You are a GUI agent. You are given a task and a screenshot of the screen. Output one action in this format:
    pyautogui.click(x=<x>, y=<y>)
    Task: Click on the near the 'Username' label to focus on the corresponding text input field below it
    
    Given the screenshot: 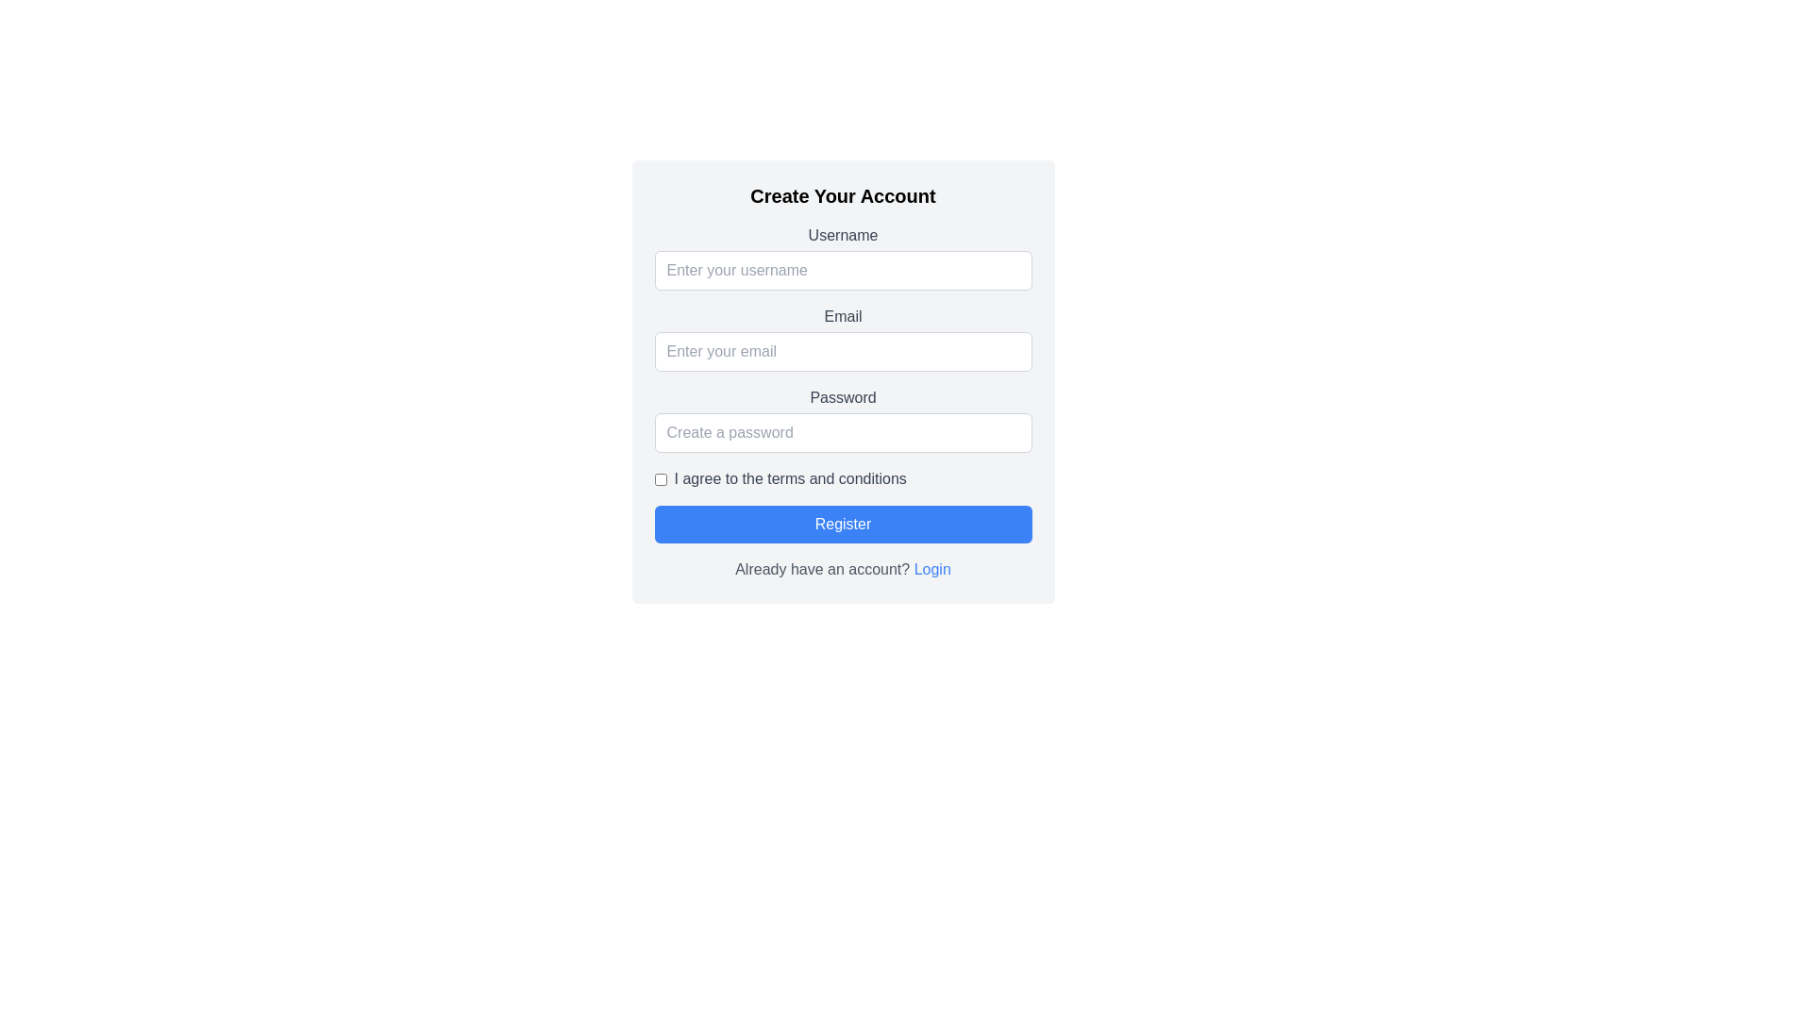 What is the action you would take?
    pyautogui.click(x=842, y=235)
    